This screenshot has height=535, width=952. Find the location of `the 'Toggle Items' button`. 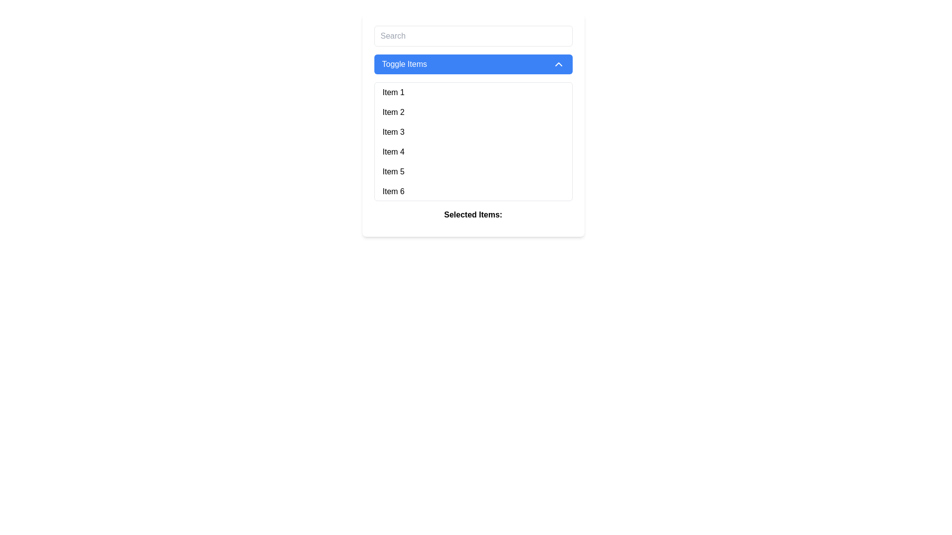

the 'Toggle Items' button is located at coordinates (473, 64).